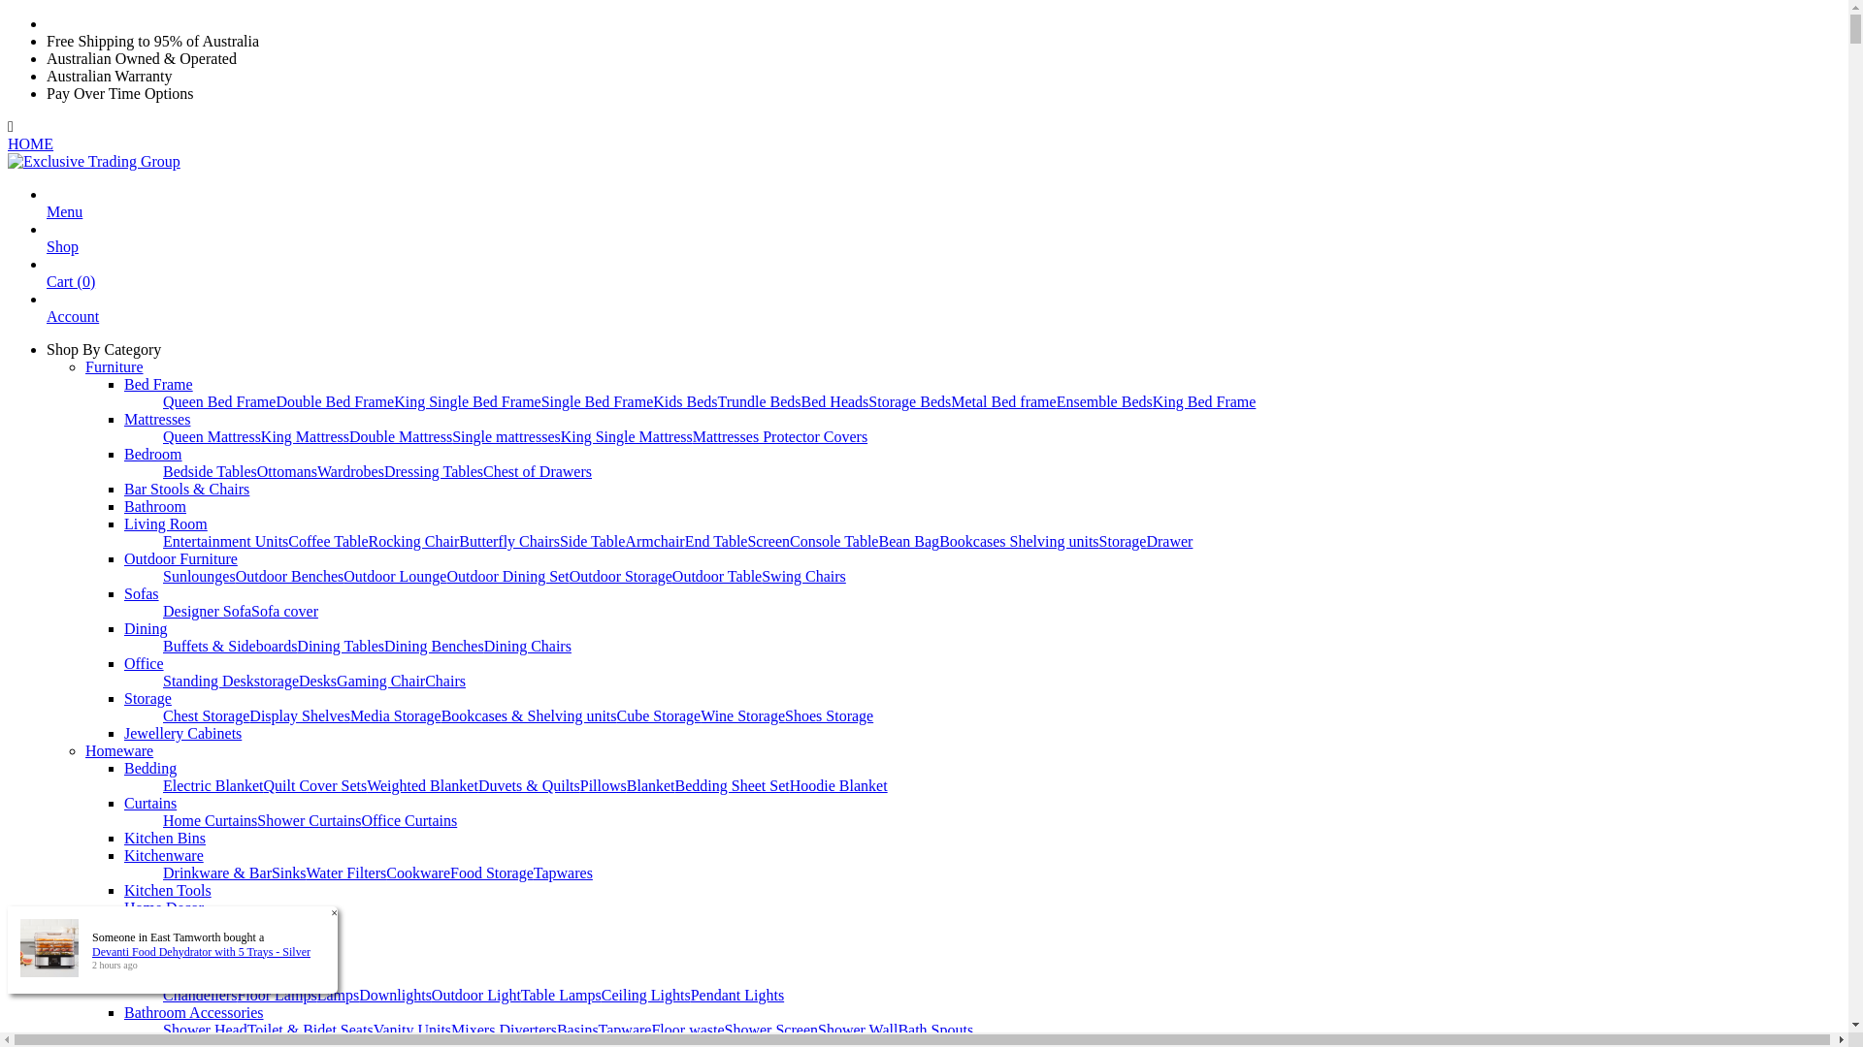  I want to click on 'Butterfly Chairs', so click(508, 541).